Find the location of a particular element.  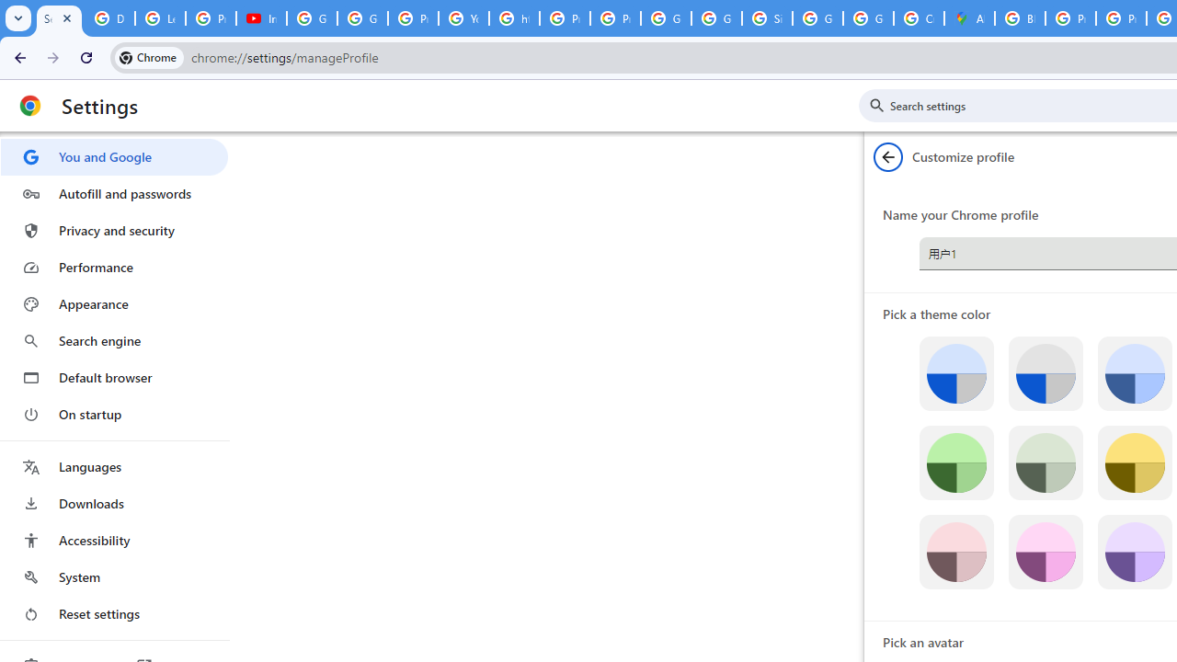

'You and Google' is located at coordinates (113, 156).